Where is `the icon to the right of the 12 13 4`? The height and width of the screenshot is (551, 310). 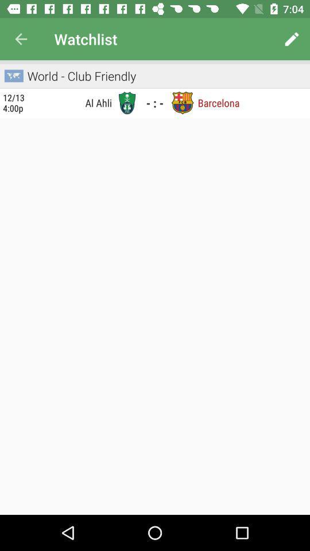 the icon to the right of the 12 13 4 is located at coordinates (72, 102).